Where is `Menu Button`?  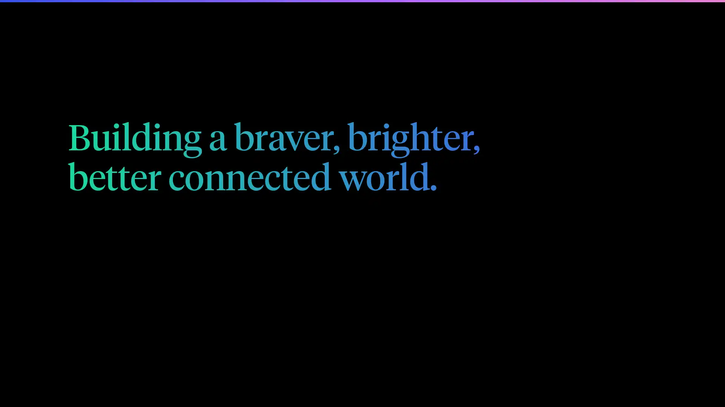 Menu Button is located at coordinates (648, 20).